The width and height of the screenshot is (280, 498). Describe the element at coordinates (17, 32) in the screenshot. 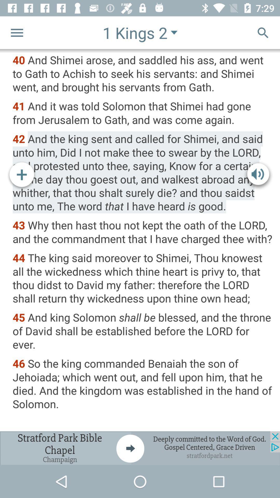

I see `menu button` at that location.